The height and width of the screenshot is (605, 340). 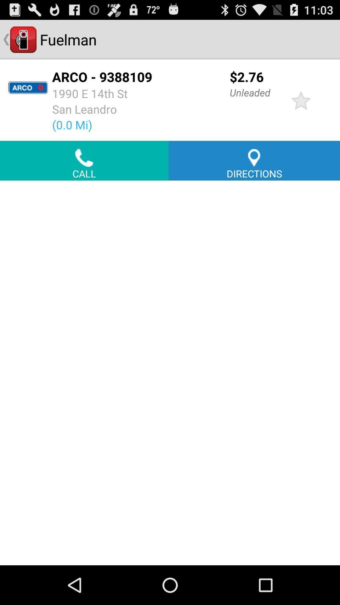 I want to click on the star icon, so click(x=301, y=107).